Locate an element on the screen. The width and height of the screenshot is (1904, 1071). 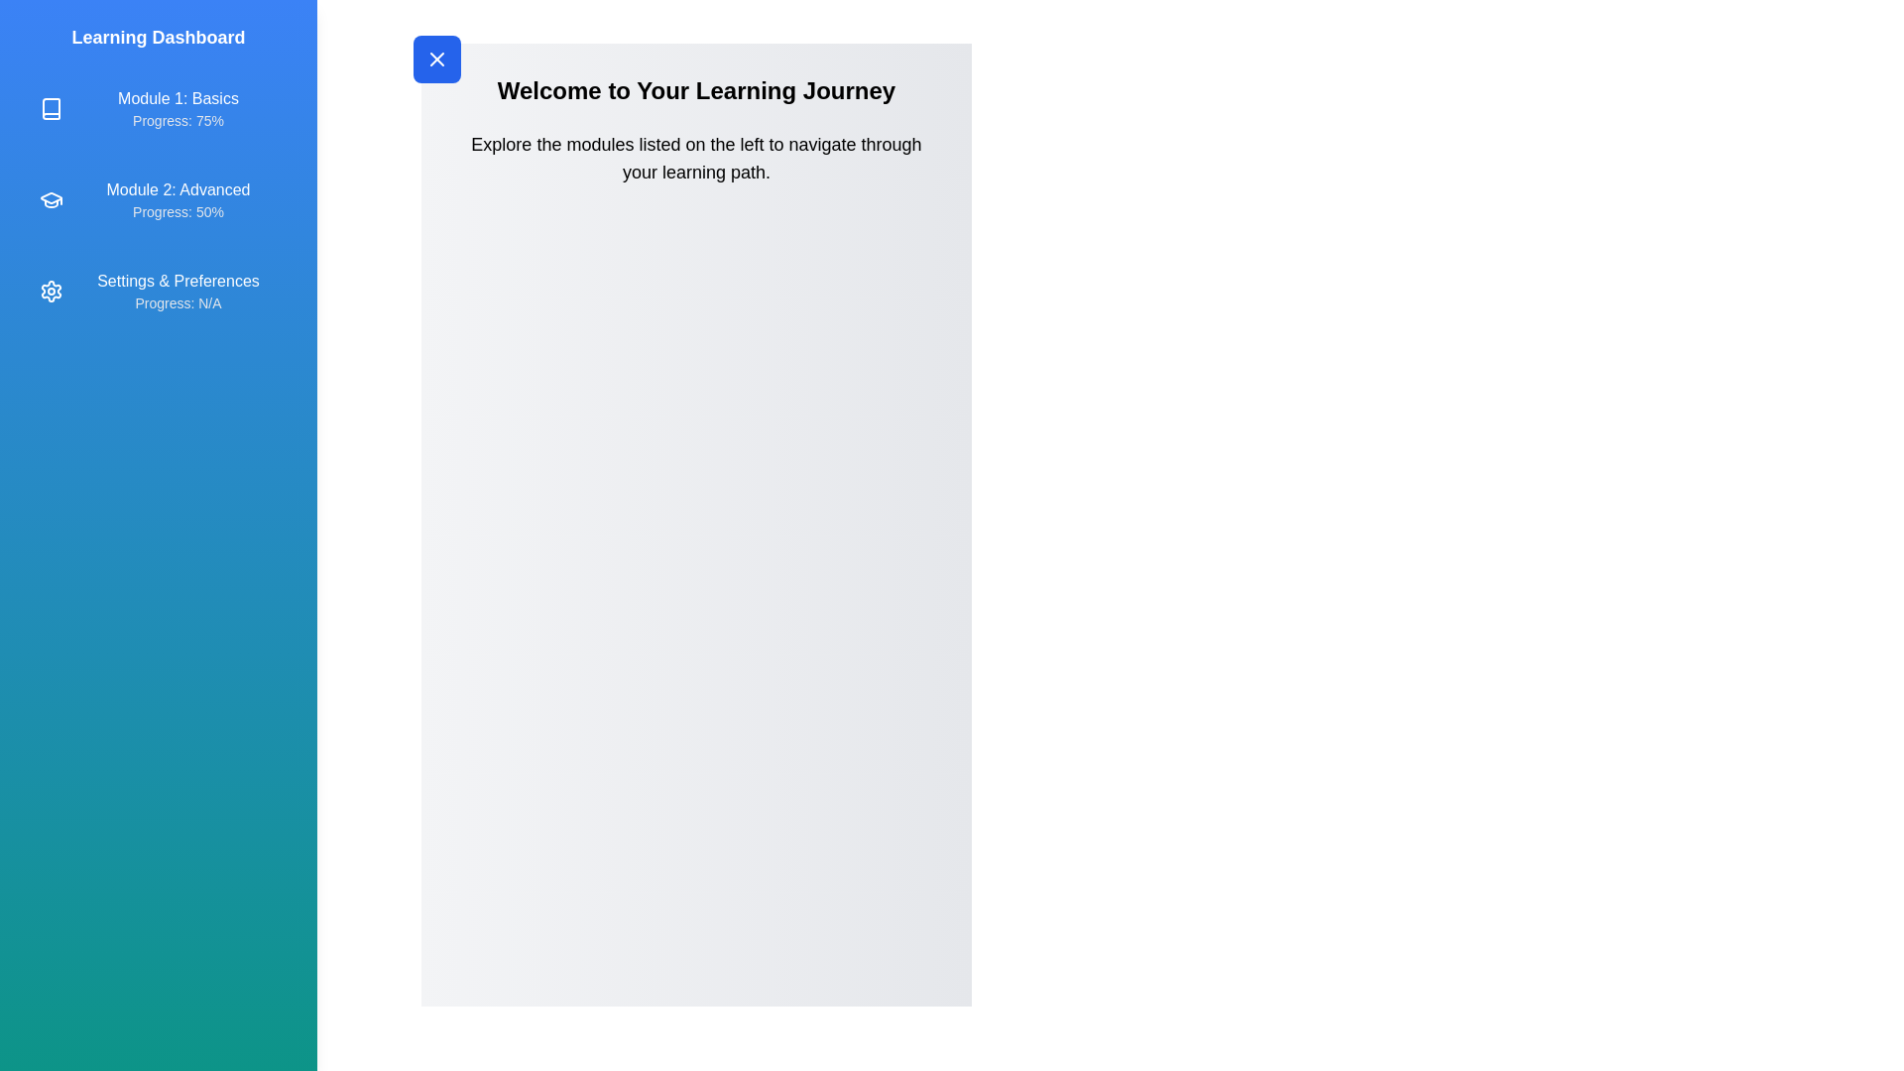
toggle button located at the top-left corner of the screen to toggle the drawer open or closed is located at coordinates (436, 59).